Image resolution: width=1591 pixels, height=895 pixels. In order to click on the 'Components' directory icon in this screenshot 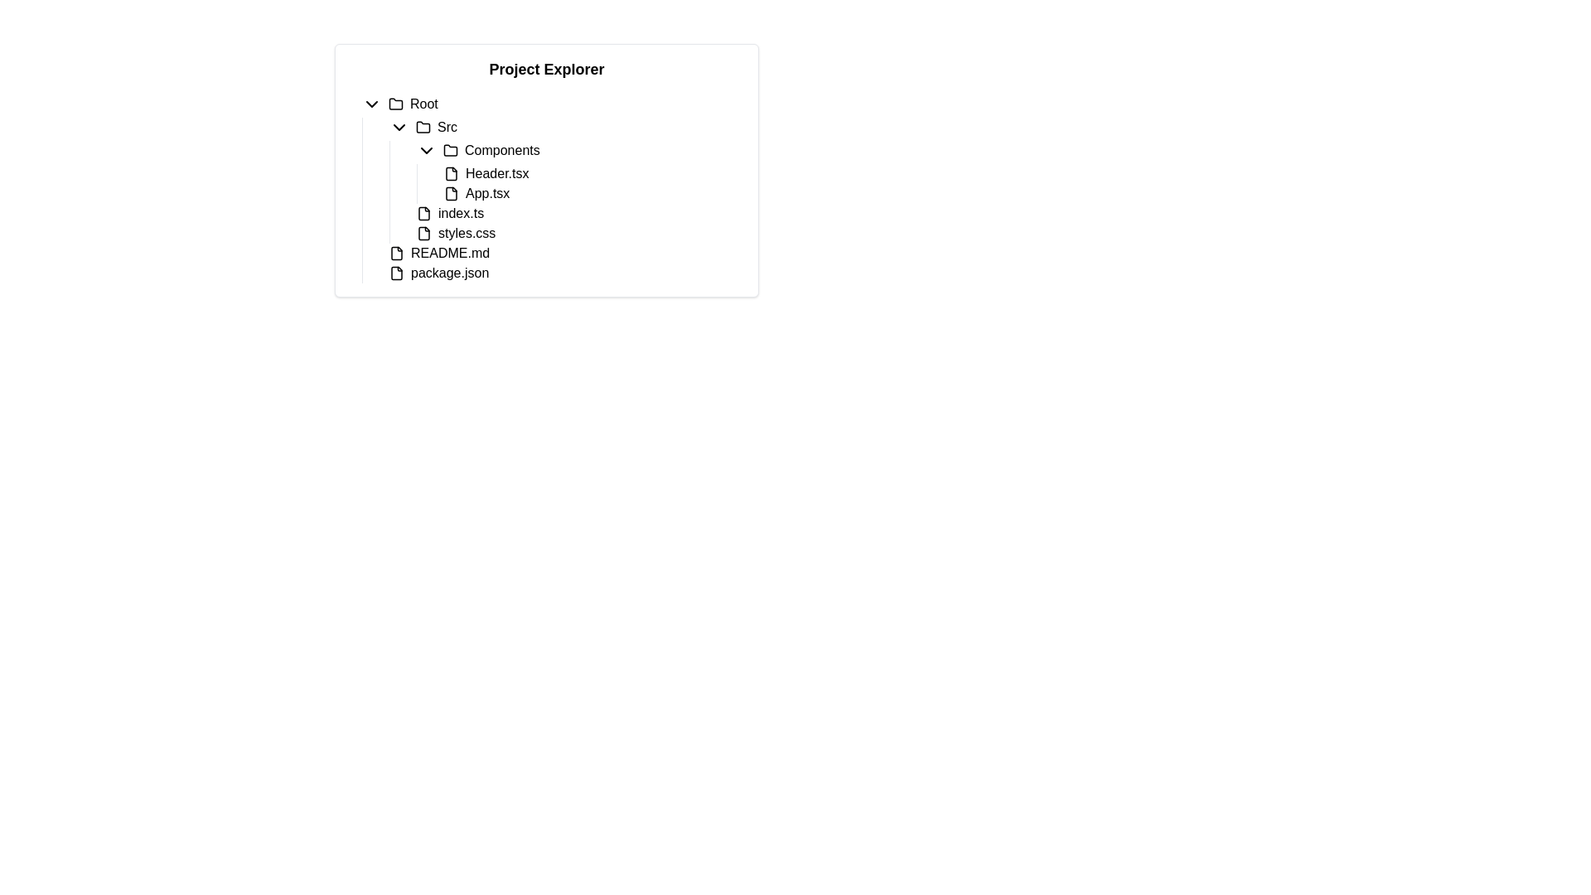, I will do `click(450, 150)`.